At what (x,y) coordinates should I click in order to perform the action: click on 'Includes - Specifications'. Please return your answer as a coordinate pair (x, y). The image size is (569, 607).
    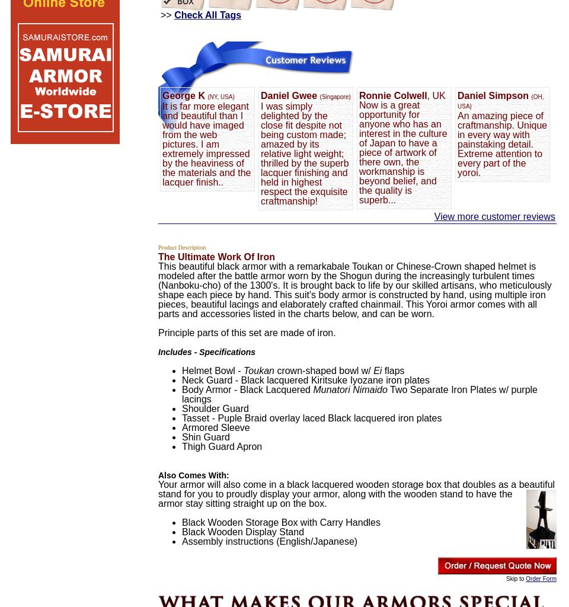
    Looking at the image, I should click on (157, 352).